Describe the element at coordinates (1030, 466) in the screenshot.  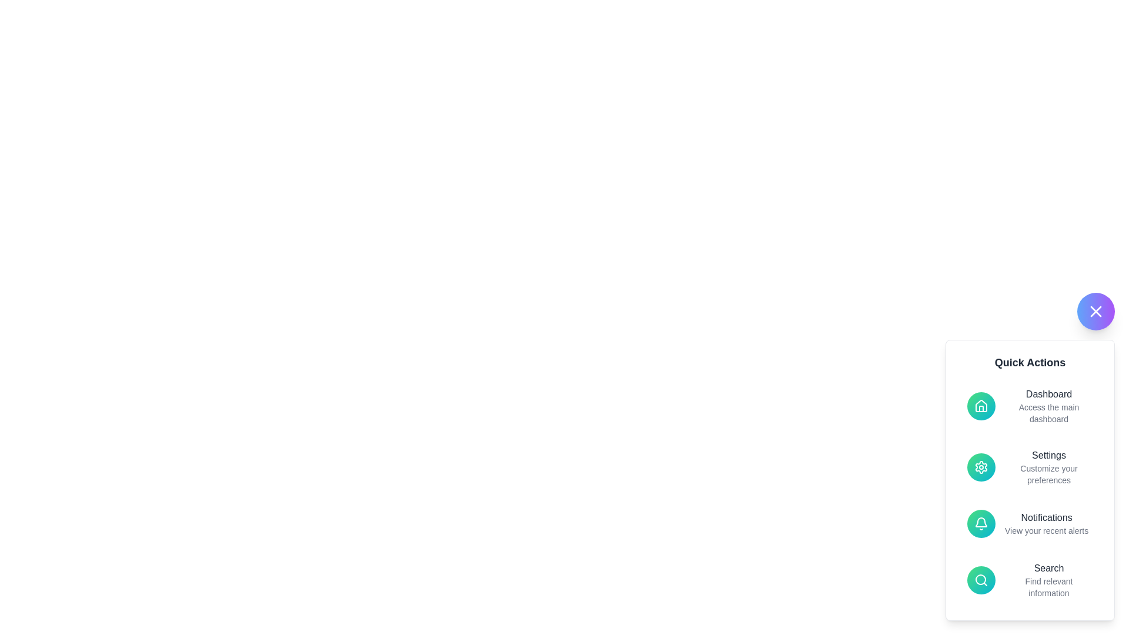
I see `the menu item labeled 'Settings' to highlight it` at that location.